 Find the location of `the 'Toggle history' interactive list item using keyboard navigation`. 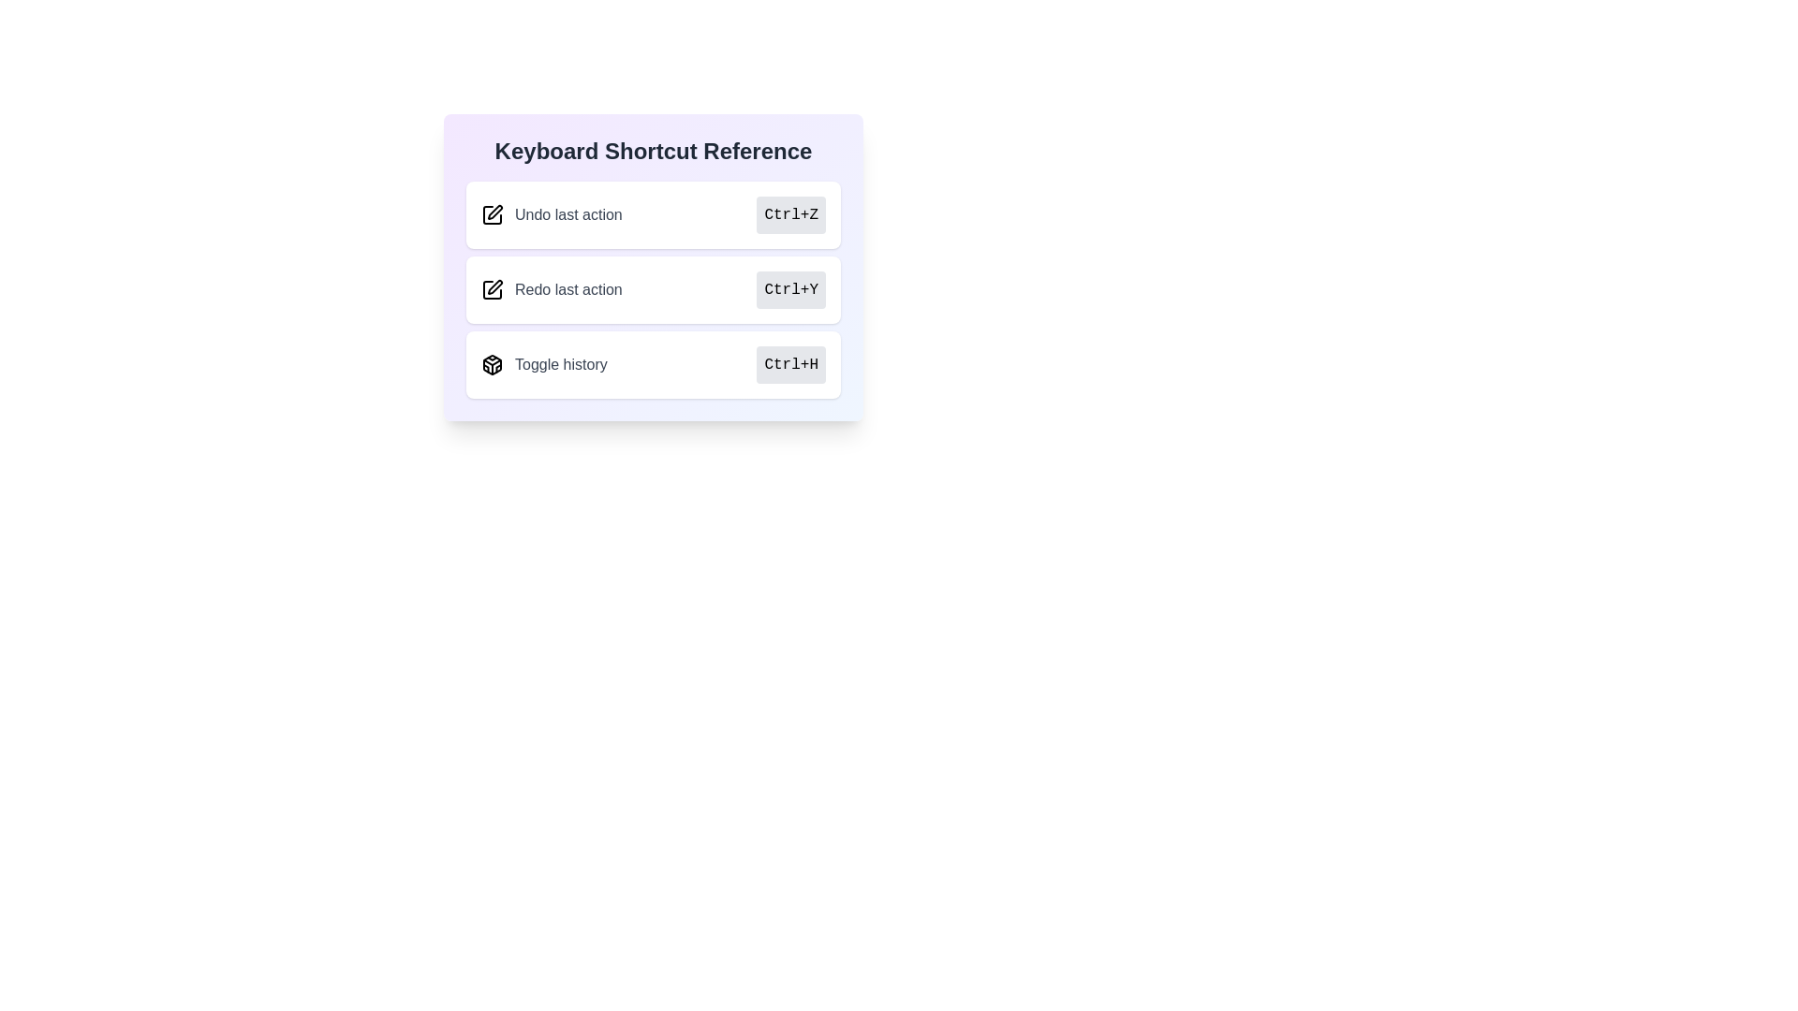

the 'Toggle history' interactive list item using keyboard navigation is located at coordinates (653, 364).